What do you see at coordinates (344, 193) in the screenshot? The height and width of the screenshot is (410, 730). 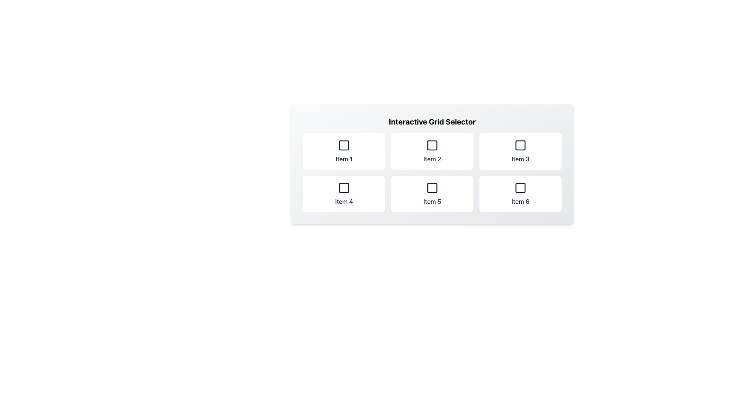 I see `the selectable grid item located in the second row of the grid layout, which is the first item below 'Item 1' and adjacent to 'Item 5'` at bounding box center [344, 193].